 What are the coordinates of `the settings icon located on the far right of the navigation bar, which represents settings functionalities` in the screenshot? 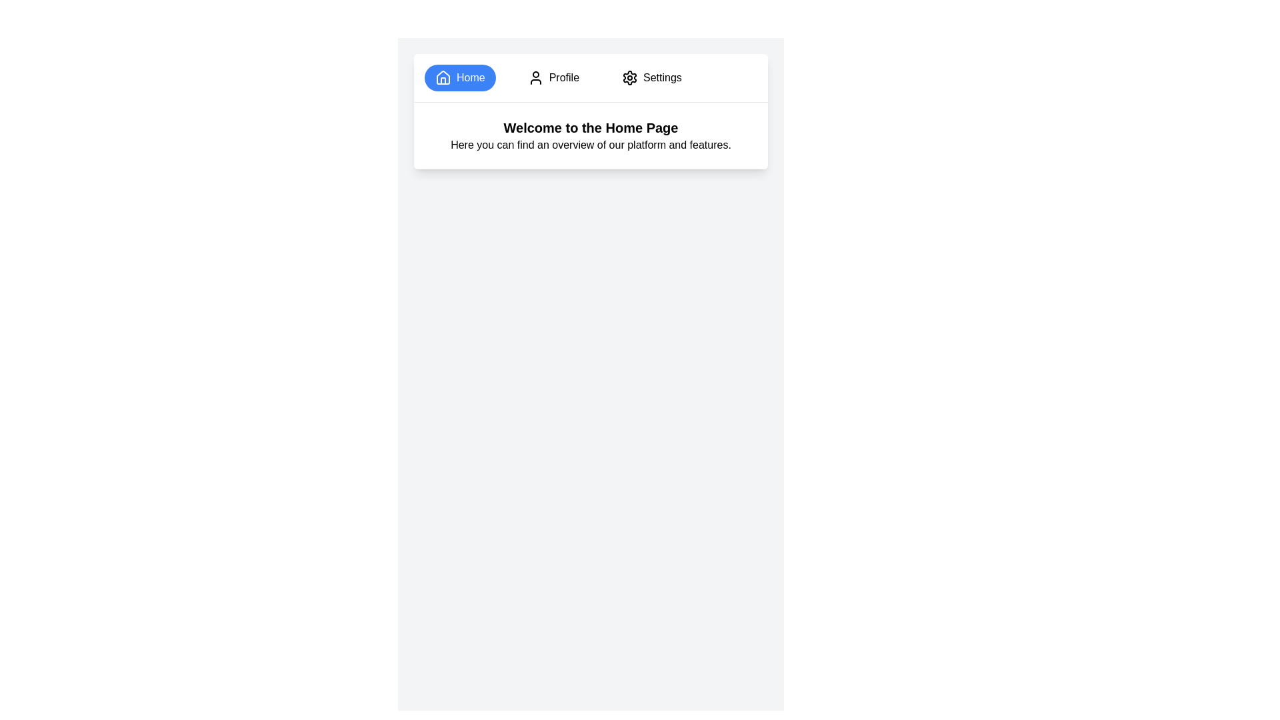 It's located at (629, 77).